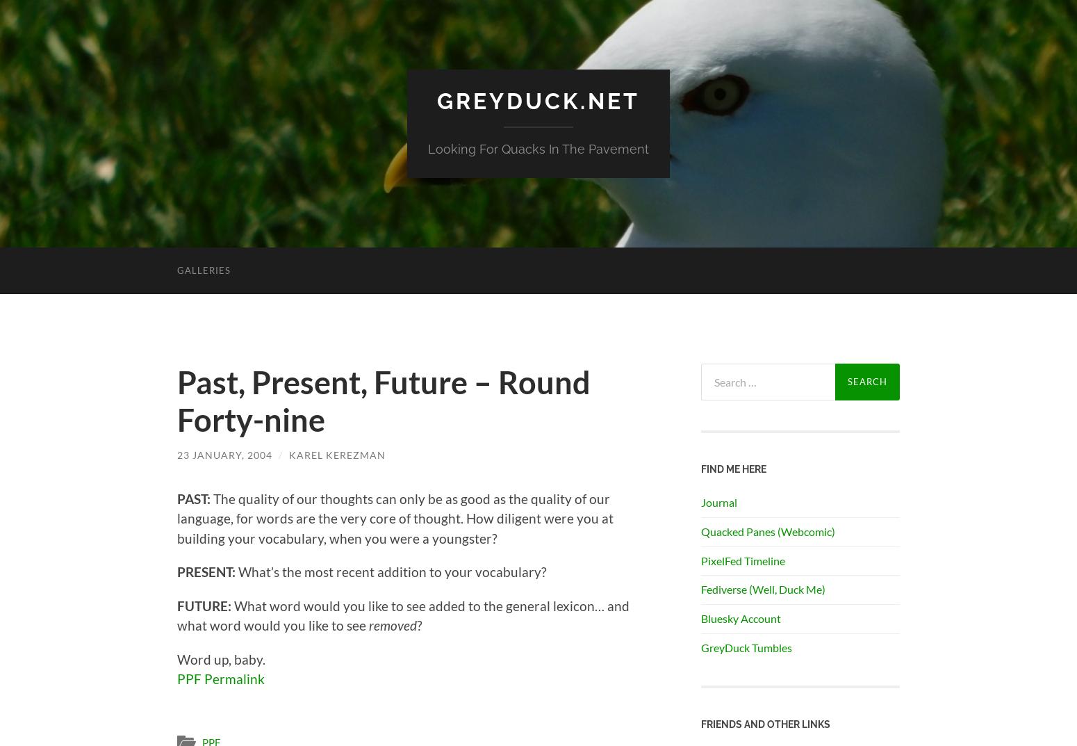 Image resolution: width=1077 pixels, height=746 pixels. I want to click on 'What’s the most recent addition to your vocabulary?', so click(234, 571).